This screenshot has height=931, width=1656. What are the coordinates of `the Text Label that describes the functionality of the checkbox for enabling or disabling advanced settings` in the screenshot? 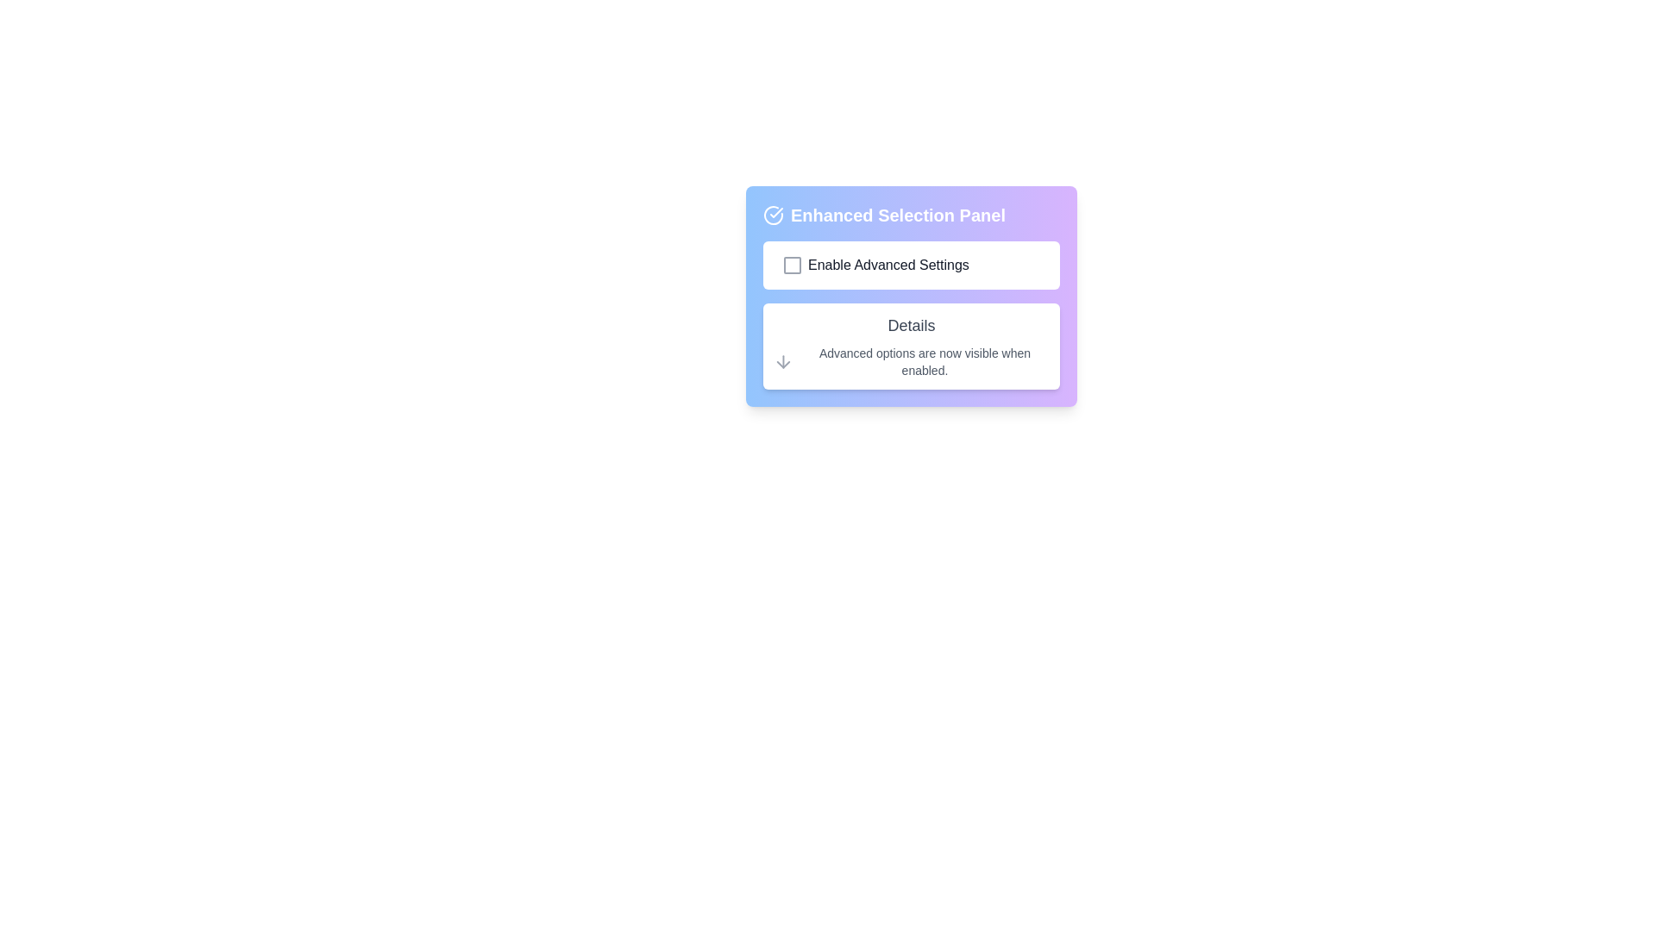 It's located at (888, 266).